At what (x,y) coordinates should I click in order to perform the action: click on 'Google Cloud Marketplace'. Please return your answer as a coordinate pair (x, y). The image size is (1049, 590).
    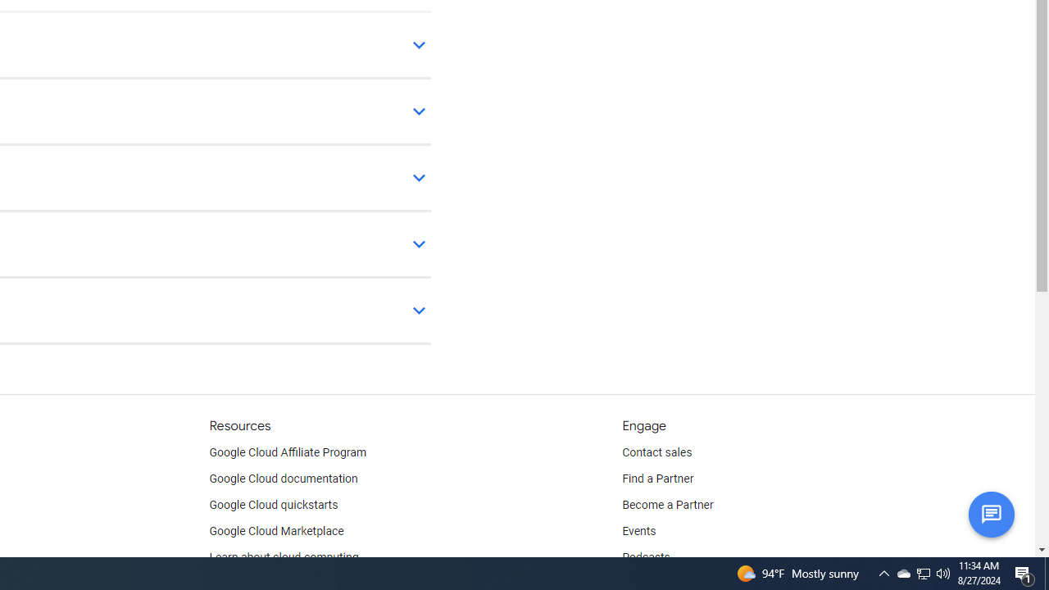
    Looking at the image, I should click on (276, 532).